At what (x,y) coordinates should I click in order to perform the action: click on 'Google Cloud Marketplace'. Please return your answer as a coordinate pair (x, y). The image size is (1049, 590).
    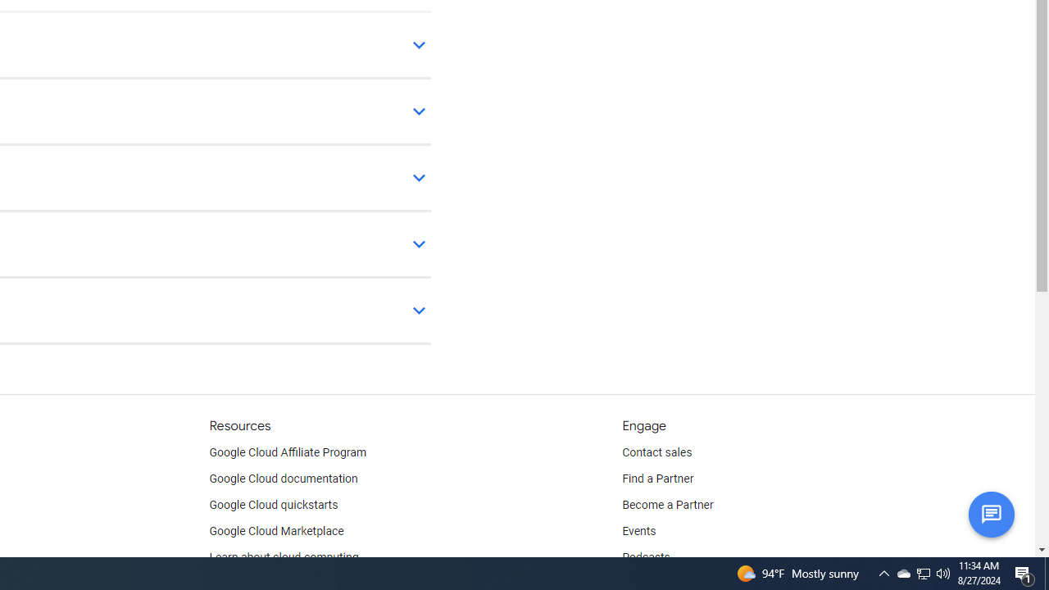
    Looking at the image, I should click on (276, 532).